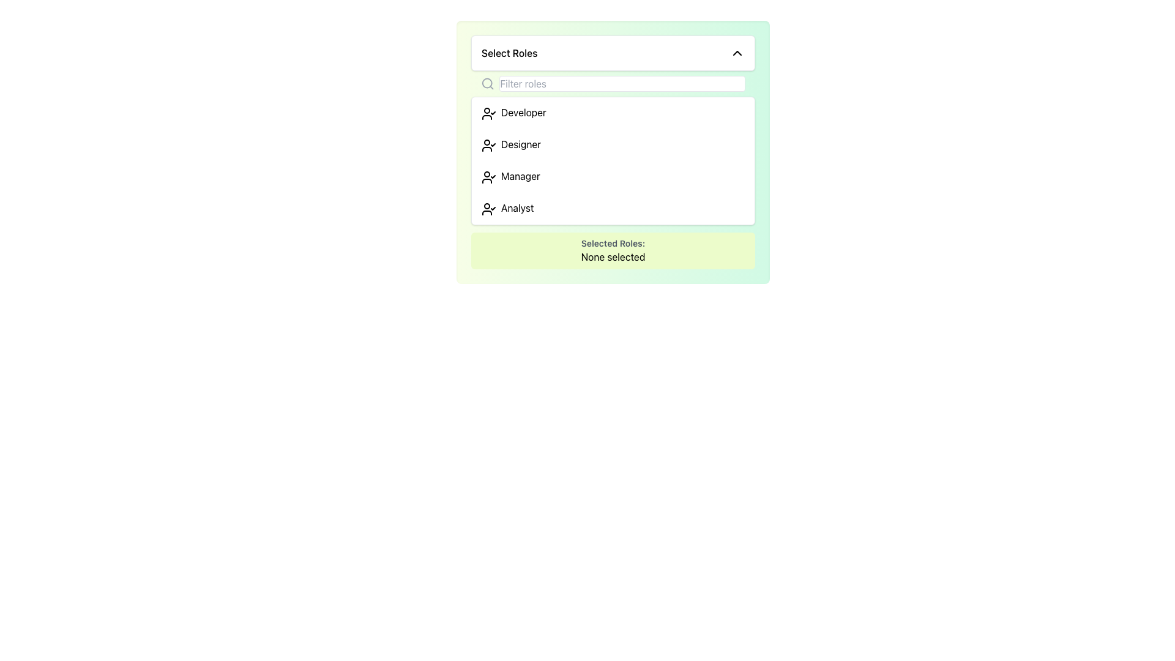  I want to click on the 'Add' button, a small rectangular button with rounded corners, located to the right of the 'Manager' list item, so click(729, 177).